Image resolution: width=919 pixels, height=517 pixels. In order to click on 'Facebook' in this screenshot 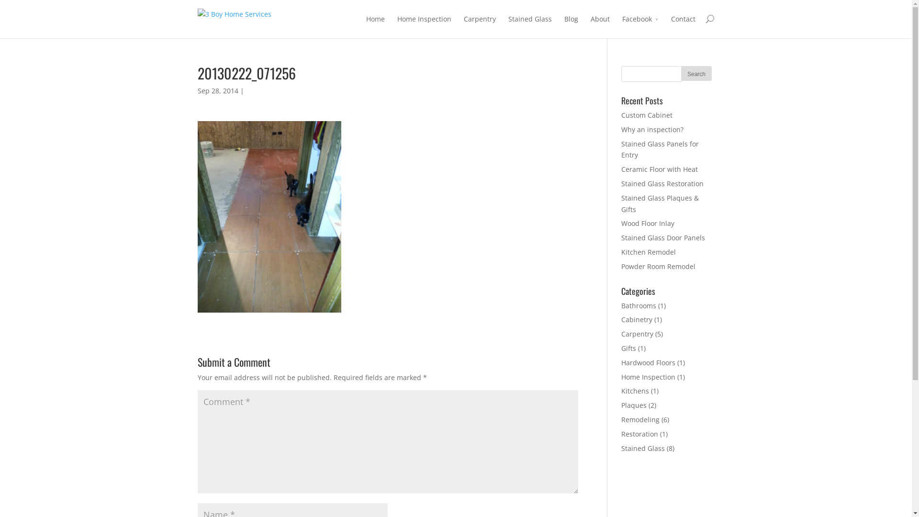, I will do `click(640, 25)`.